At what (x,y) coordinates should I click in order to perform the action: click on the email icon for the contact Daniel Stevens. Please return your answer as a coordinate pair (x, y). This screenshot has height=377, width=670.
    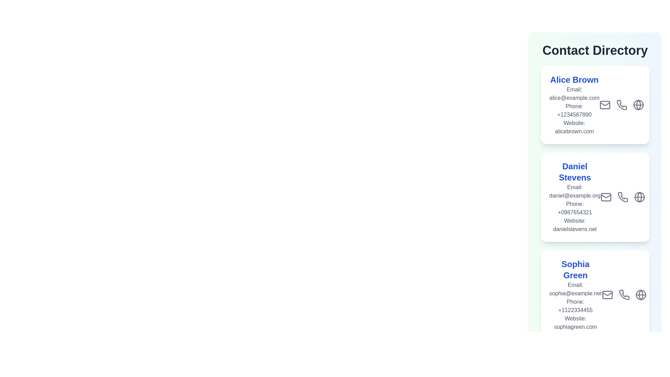
    Looking at the image, I should click on (606, 197).